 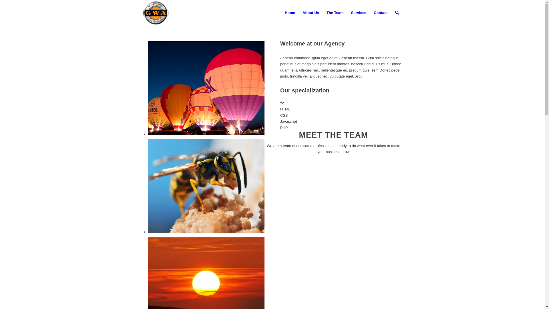 I want to click on 'The Team', so click(x=335, y=13).